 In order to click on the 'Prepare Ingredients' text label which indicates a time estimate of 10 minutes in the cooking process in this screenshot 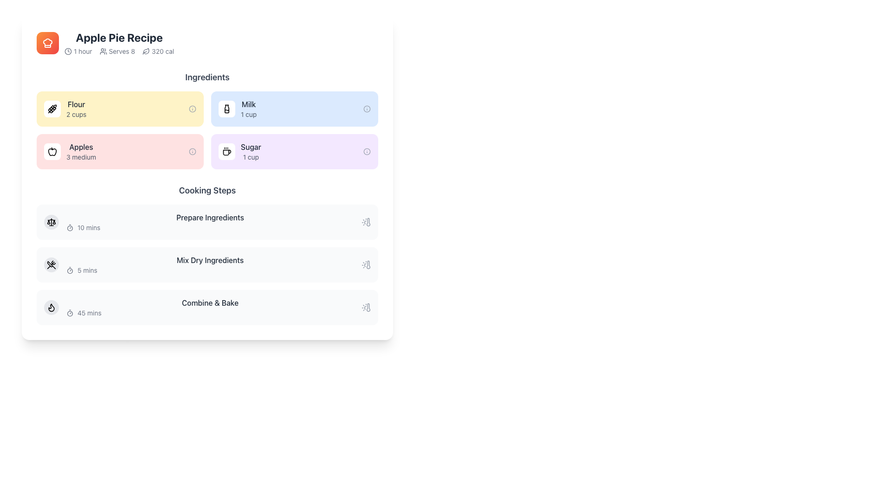, I will do `click(209, 222)`.